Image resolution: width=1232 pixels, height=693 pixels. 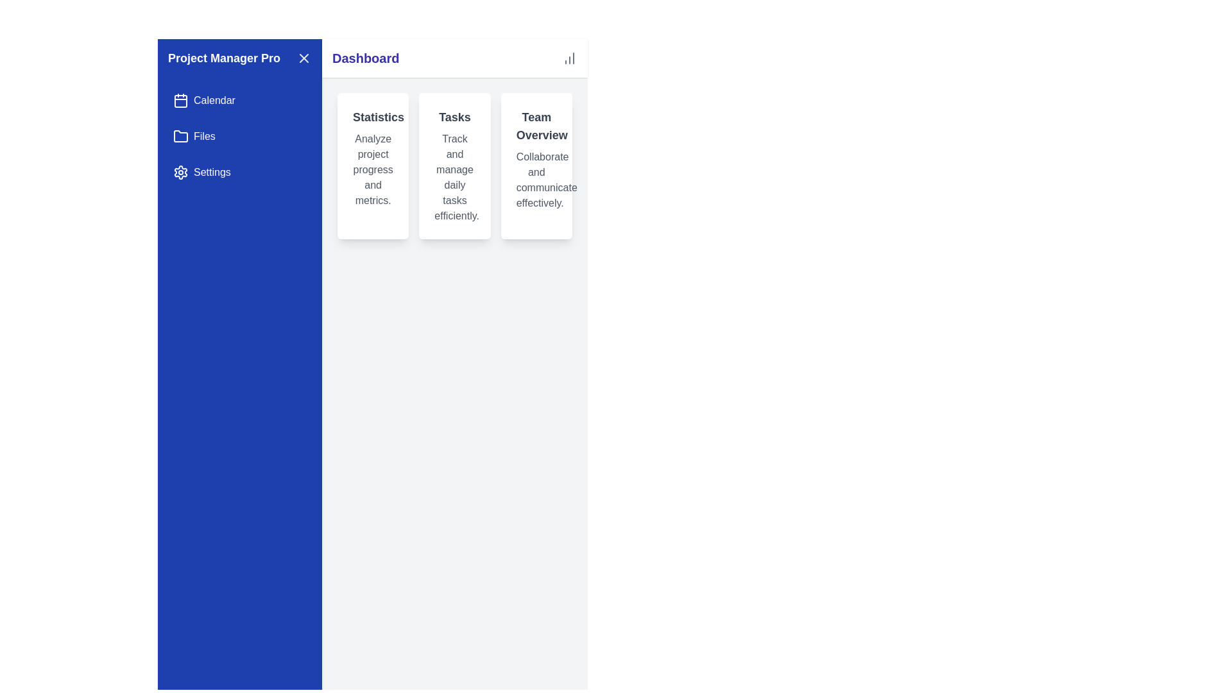 I want to click on the descriptive text block reading 'Analyze project progress and metrics.', which is styled in gray and located below the 'Statistics' heading in the top-left card, so click(x=372, y=169).